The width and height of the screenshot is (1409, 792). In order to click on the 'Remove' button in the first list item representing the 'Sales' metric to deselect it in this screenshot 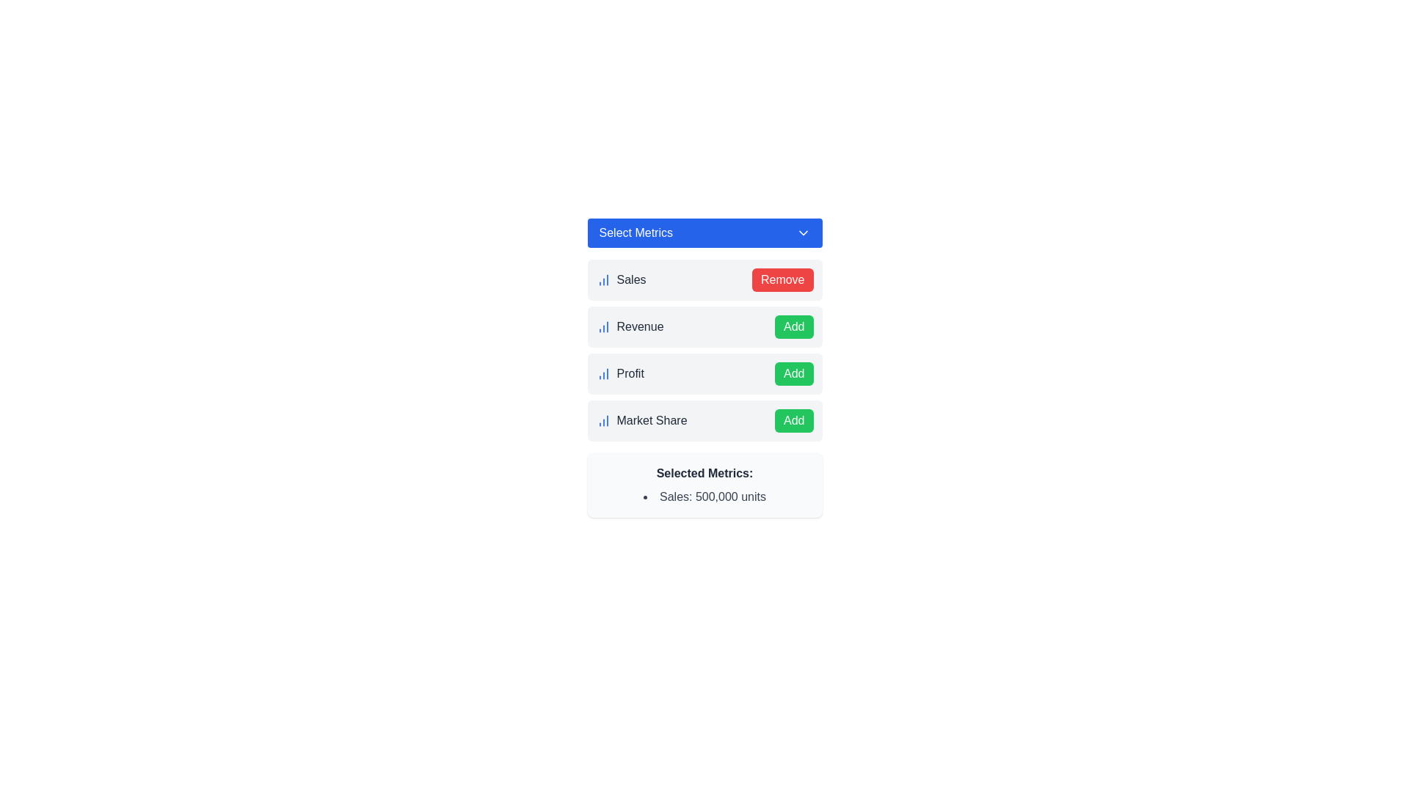, I will do `click(704, 279)`.